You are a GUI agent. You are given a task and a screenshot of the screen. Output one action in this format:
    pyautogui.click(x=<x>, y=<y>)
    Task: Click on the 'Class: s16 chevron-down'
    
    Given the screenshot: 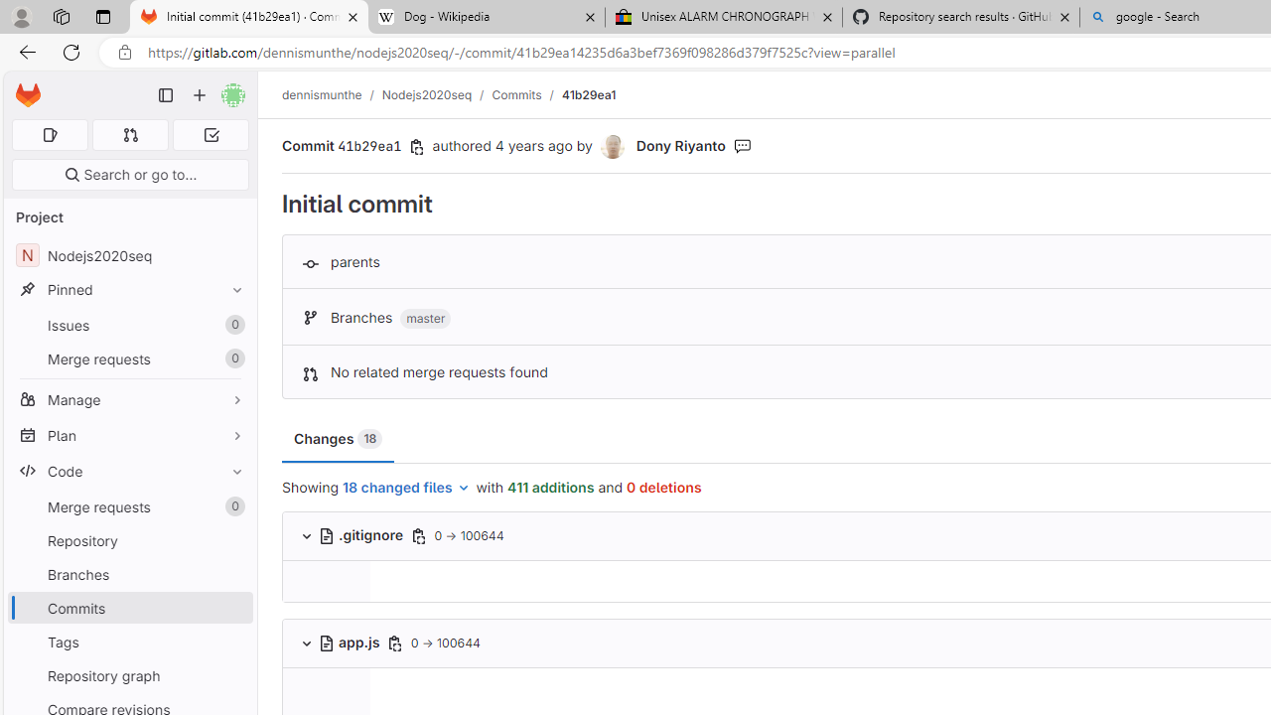 What is the action you would take?
    pyautogui.click(x=306, y=643)
    